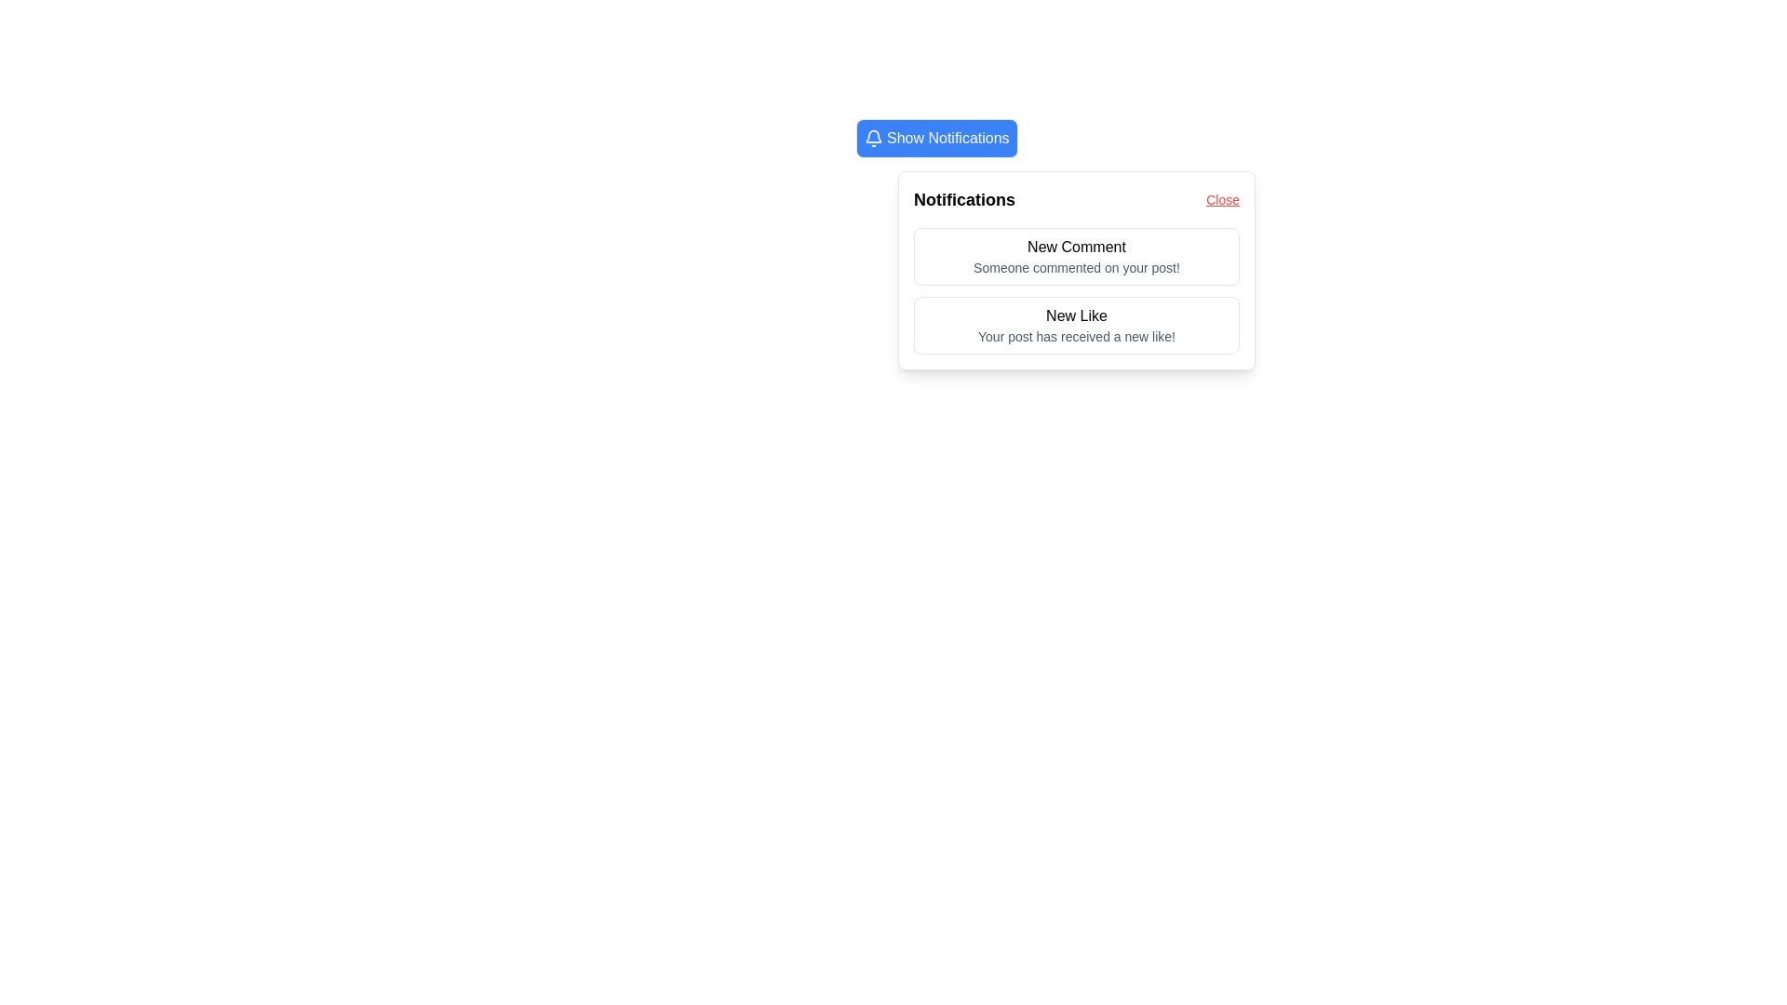 This screenshot has width=1787, height=1005. What do you see at coordinates (964, 200) in the screenshot?
I see `text label at the top left of the notifications panel that serves as a header for the notifications section` at bounding box center [964, 200].